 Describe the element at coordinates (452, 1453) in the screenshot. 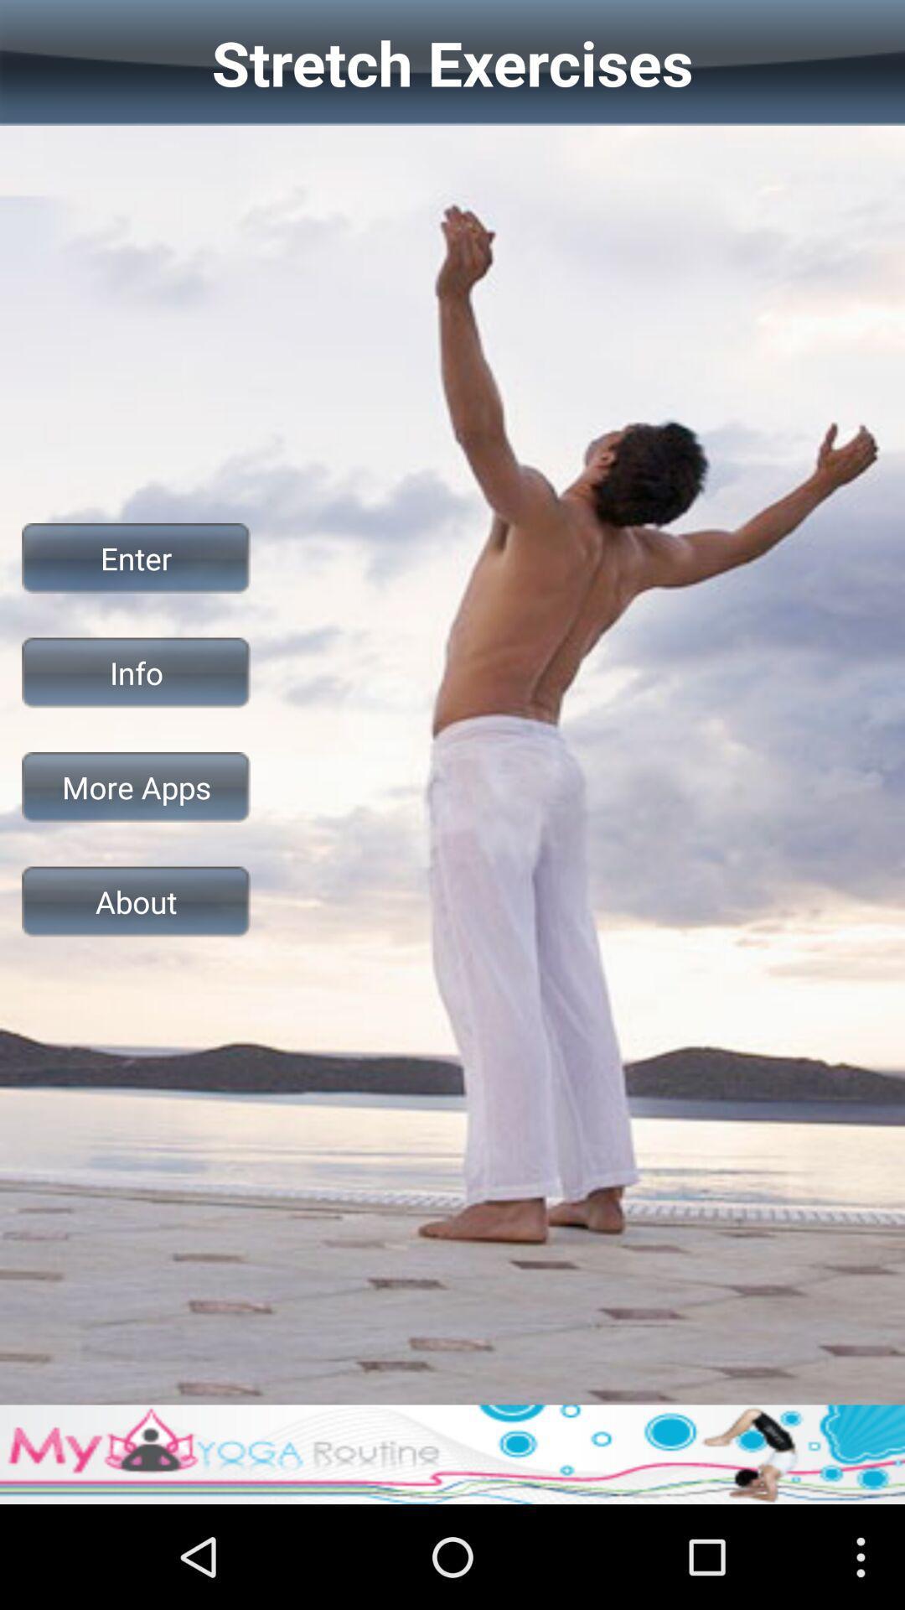

I see `visit sponsor advertisement` at that location.